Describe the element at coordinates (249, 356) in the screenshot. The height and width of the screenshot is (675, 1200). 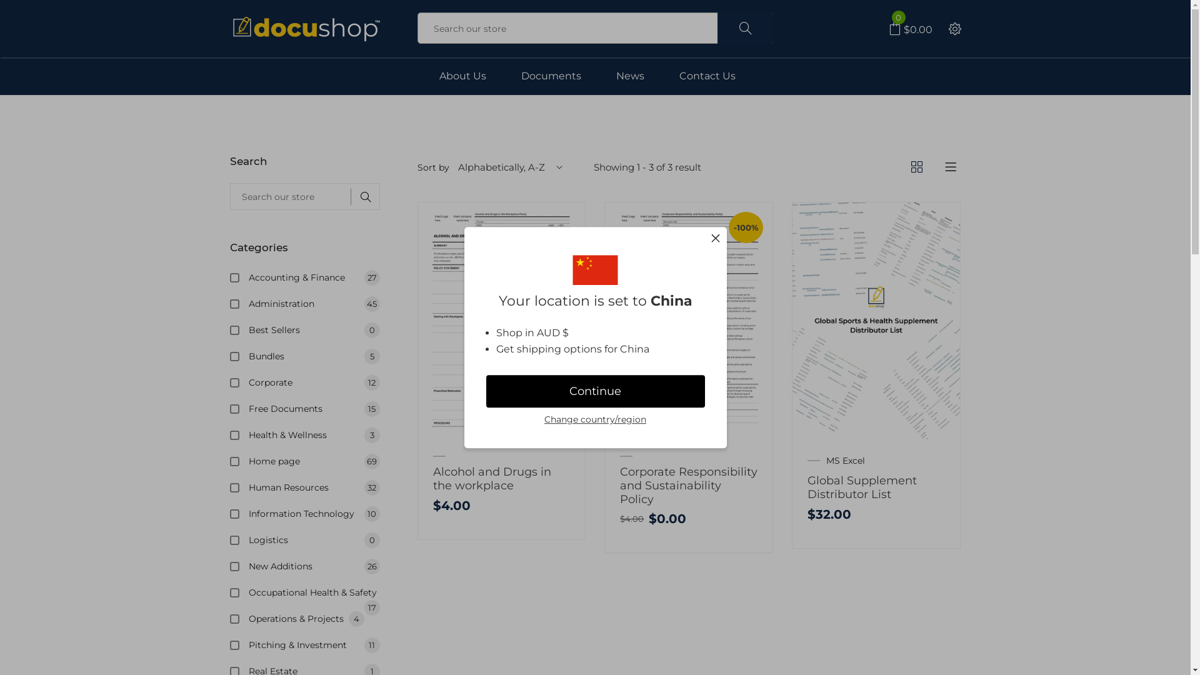
I see `'Bundles` at that location.